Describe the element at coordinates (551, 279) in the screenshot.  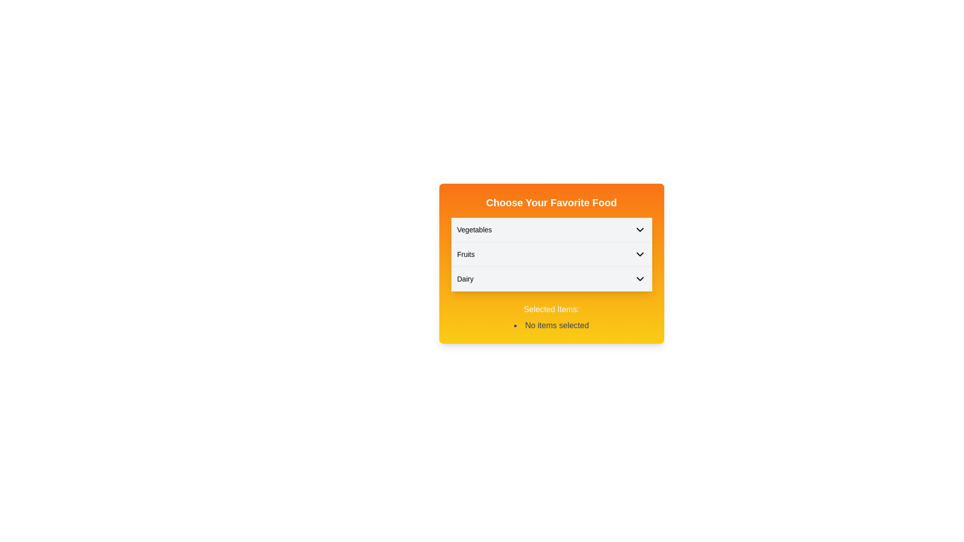
I see `the third option in the dropdown menu related to 'Dairy'` at that location.